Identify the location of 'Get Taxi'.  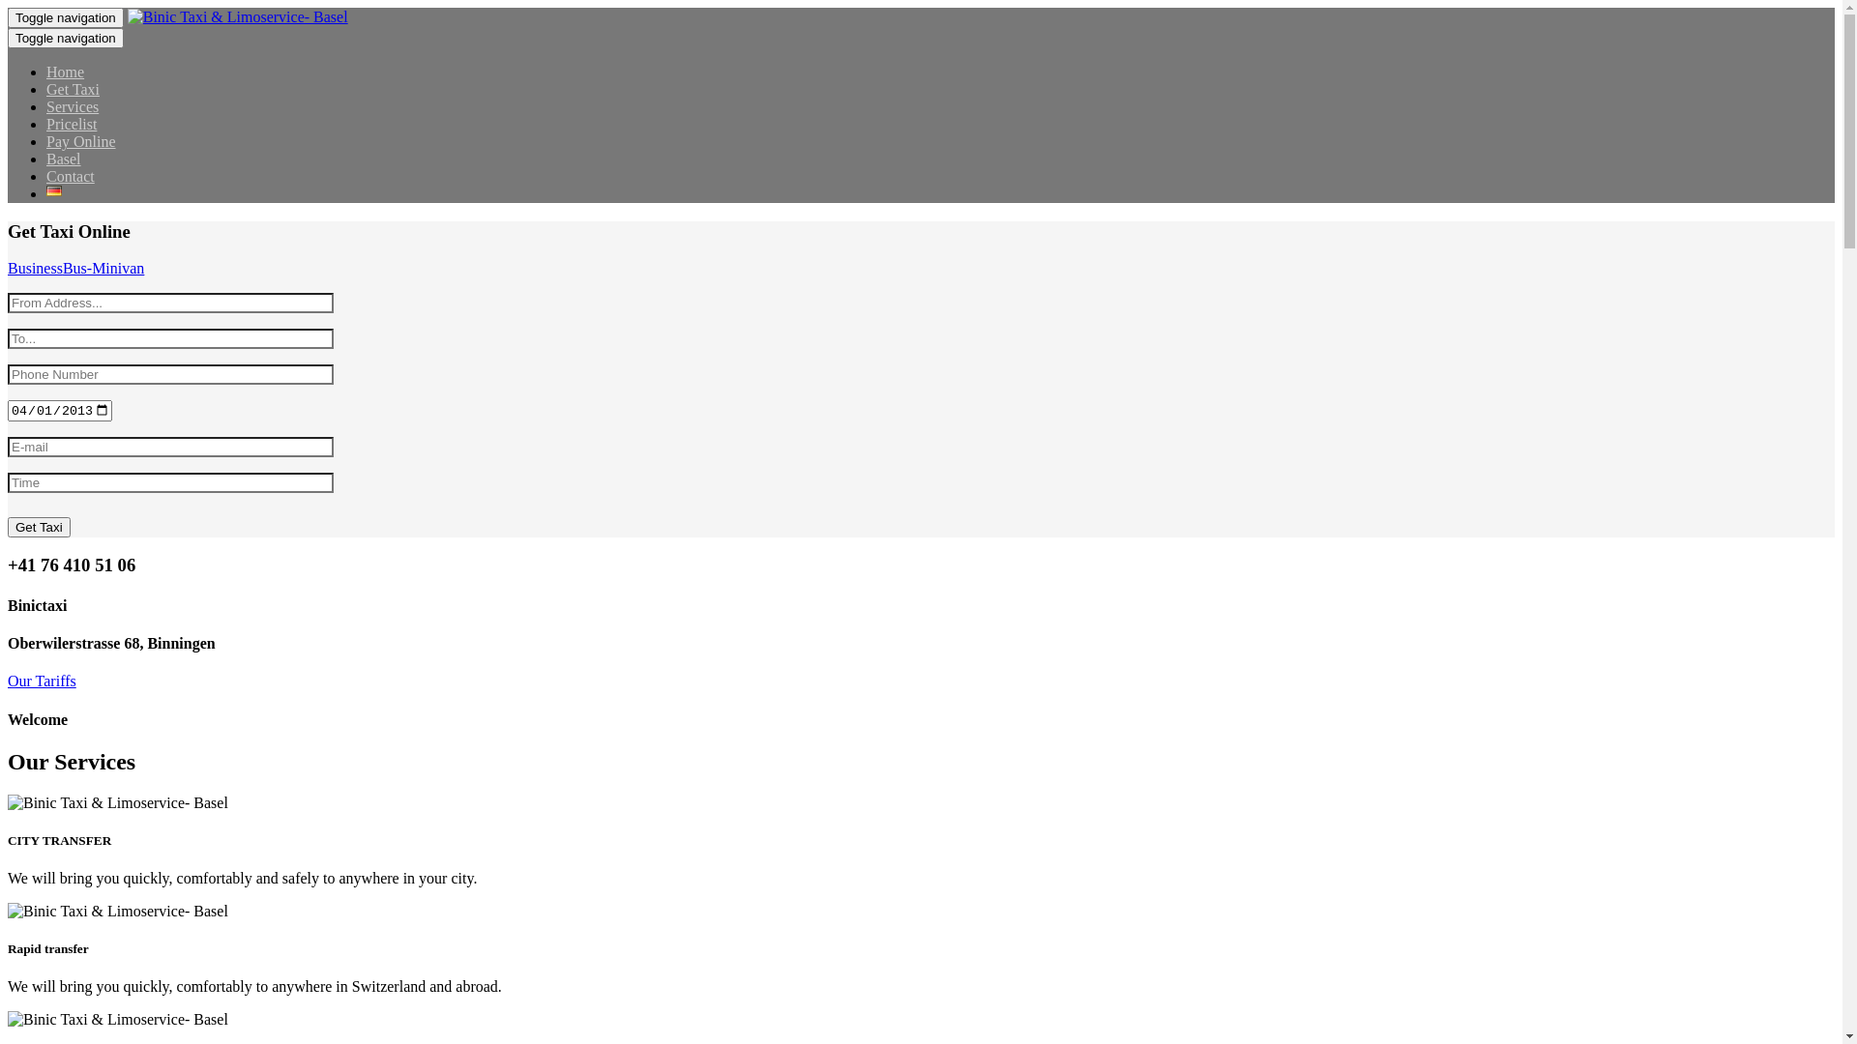
(8, 527).